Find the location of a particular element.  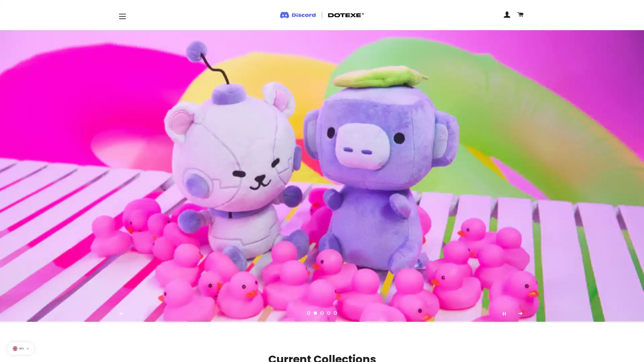

Site navigation is located at coordinates (122, 16).